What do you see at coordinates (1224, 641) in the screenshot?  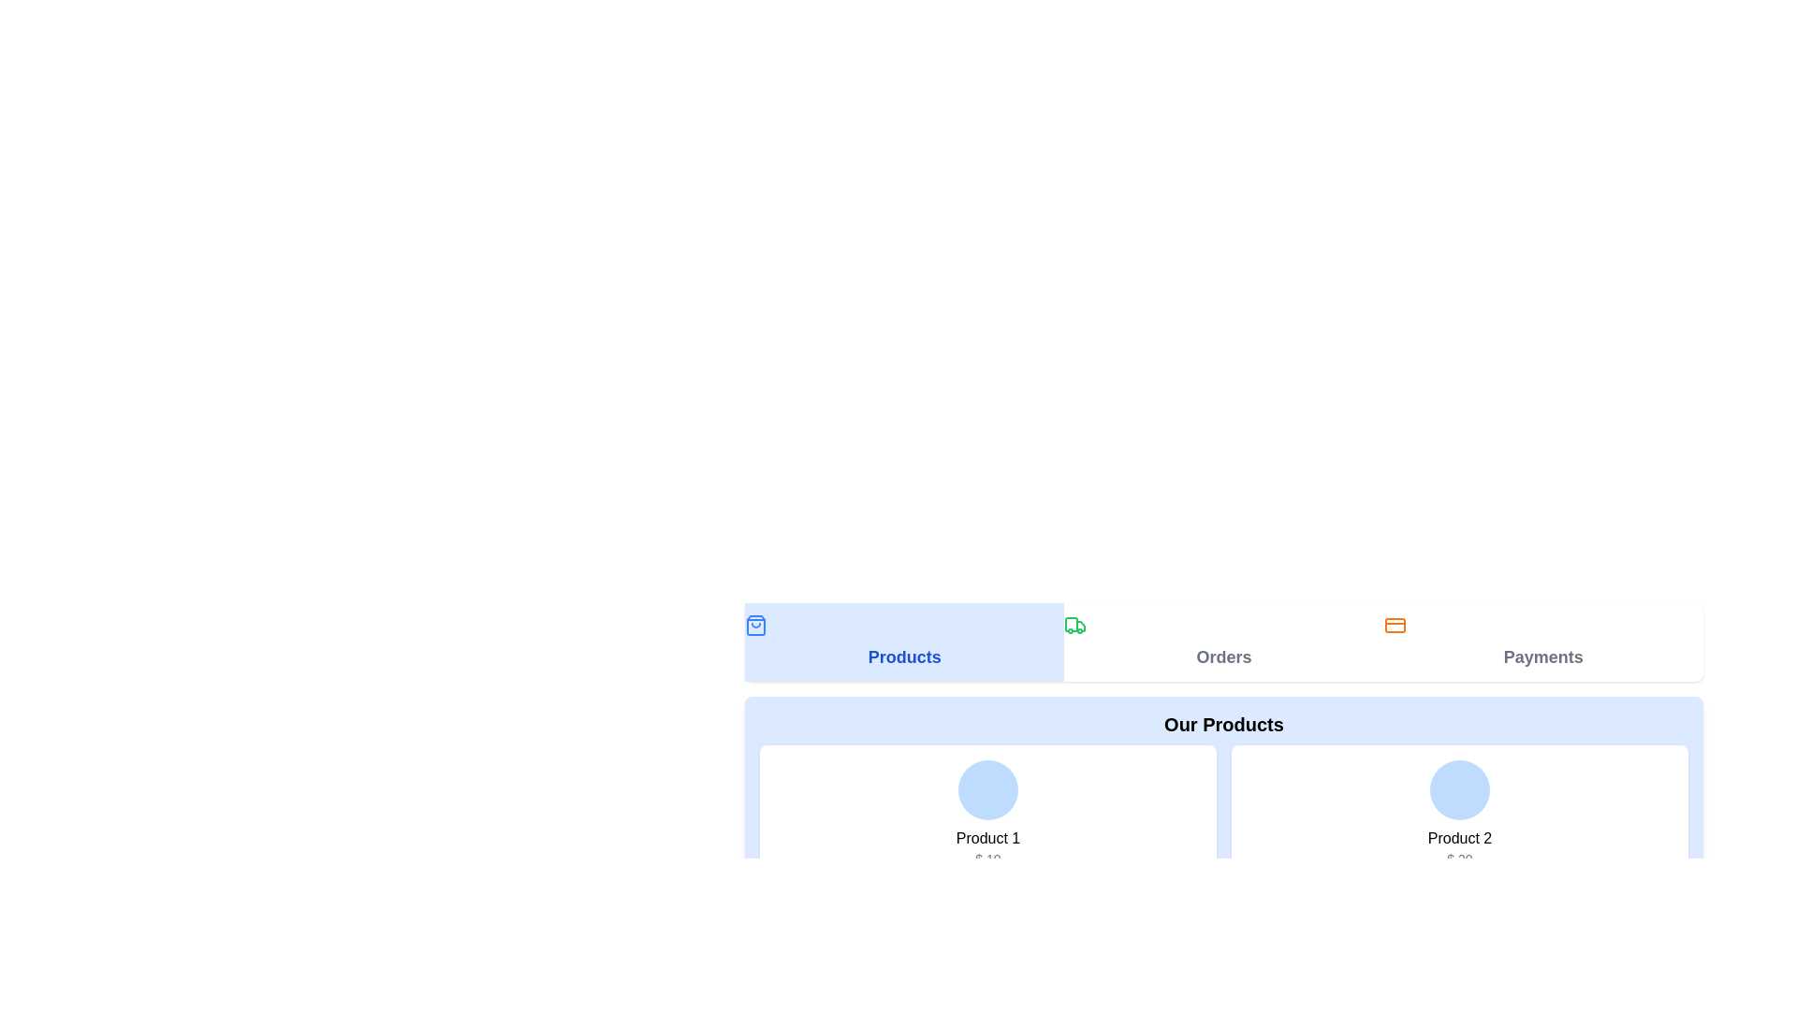 I see `the 'Orders' tab in the Navigation bar` at bounding box center [1224, 641].